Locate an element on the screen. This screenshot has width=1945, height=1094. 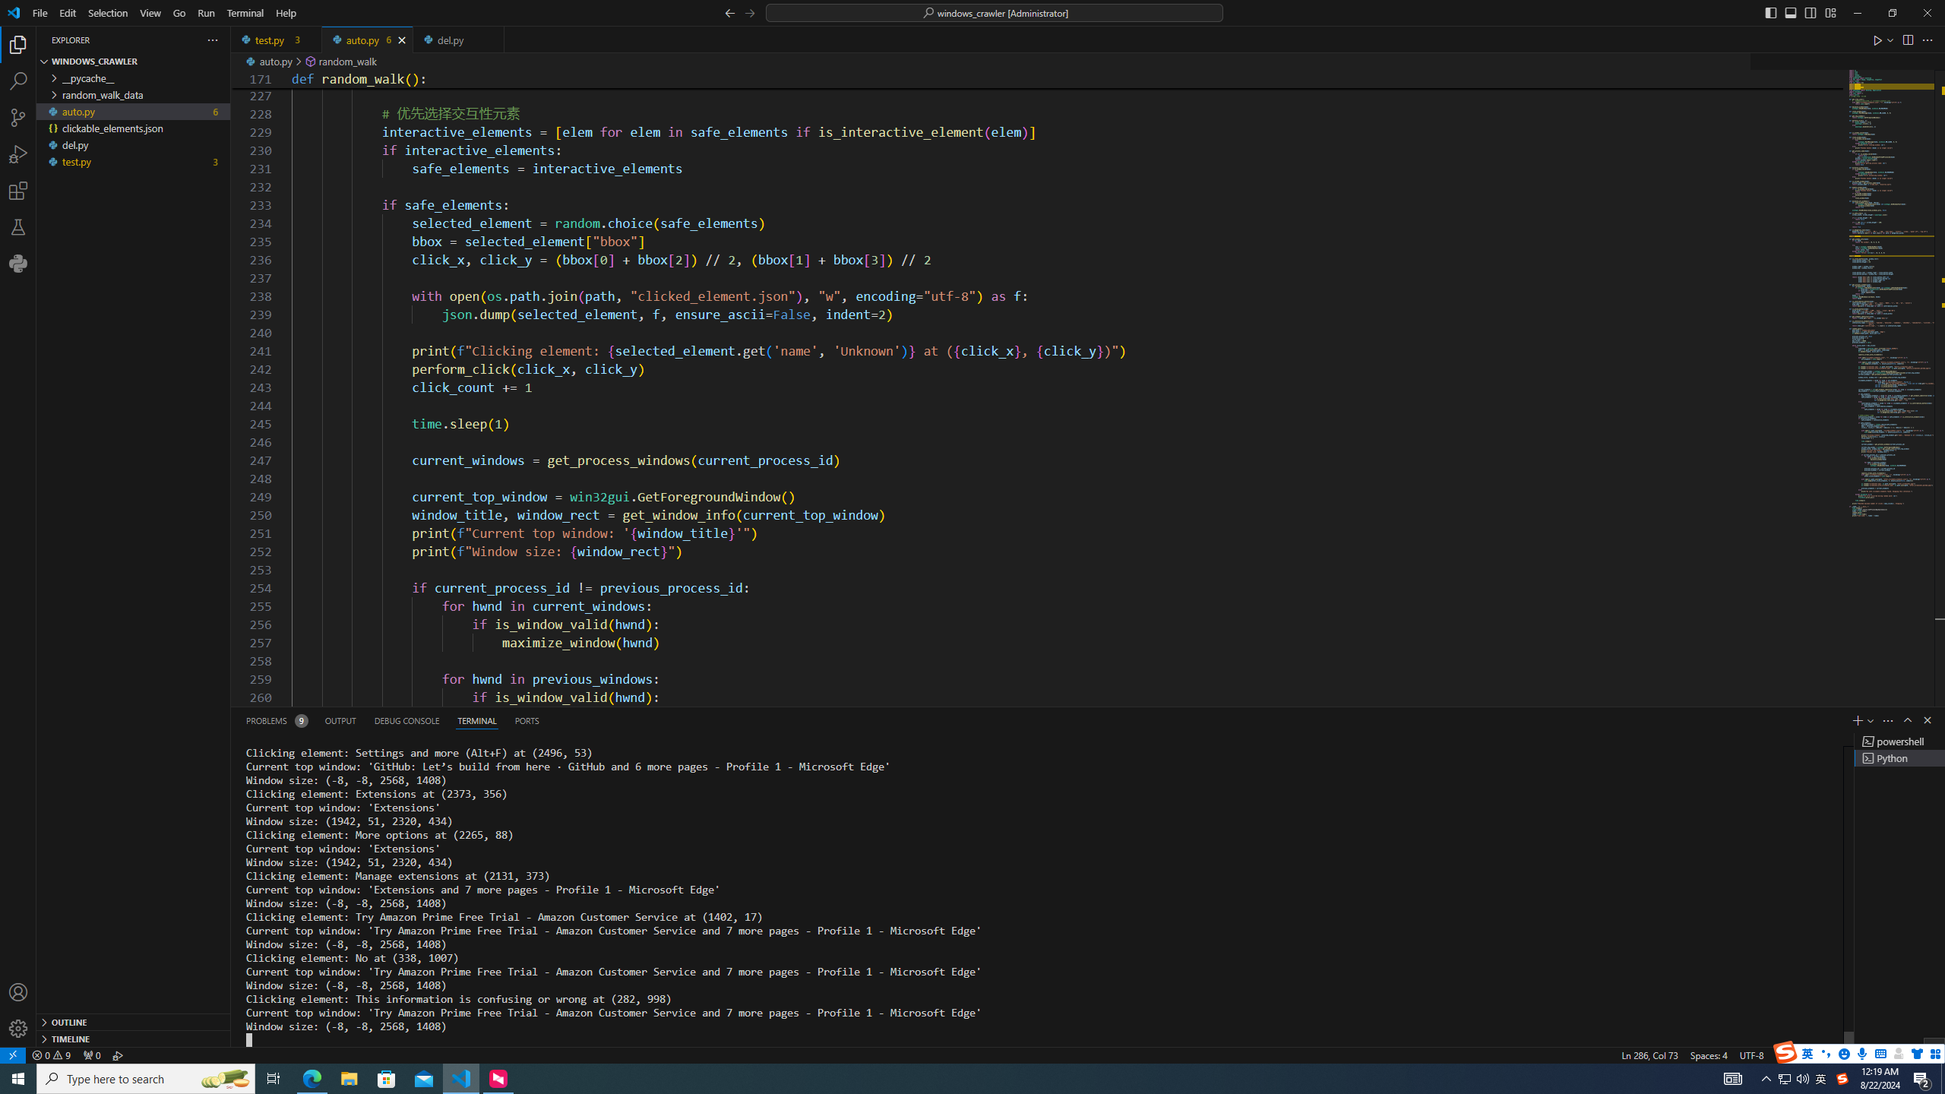
'Source Control (Ctrl+Shift+G)' is located at coordinates (18, 116).